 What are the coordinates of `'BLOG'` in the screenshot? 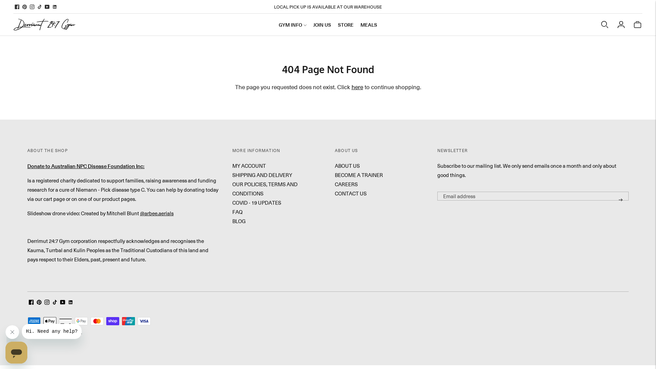 It's located at (239, 221).